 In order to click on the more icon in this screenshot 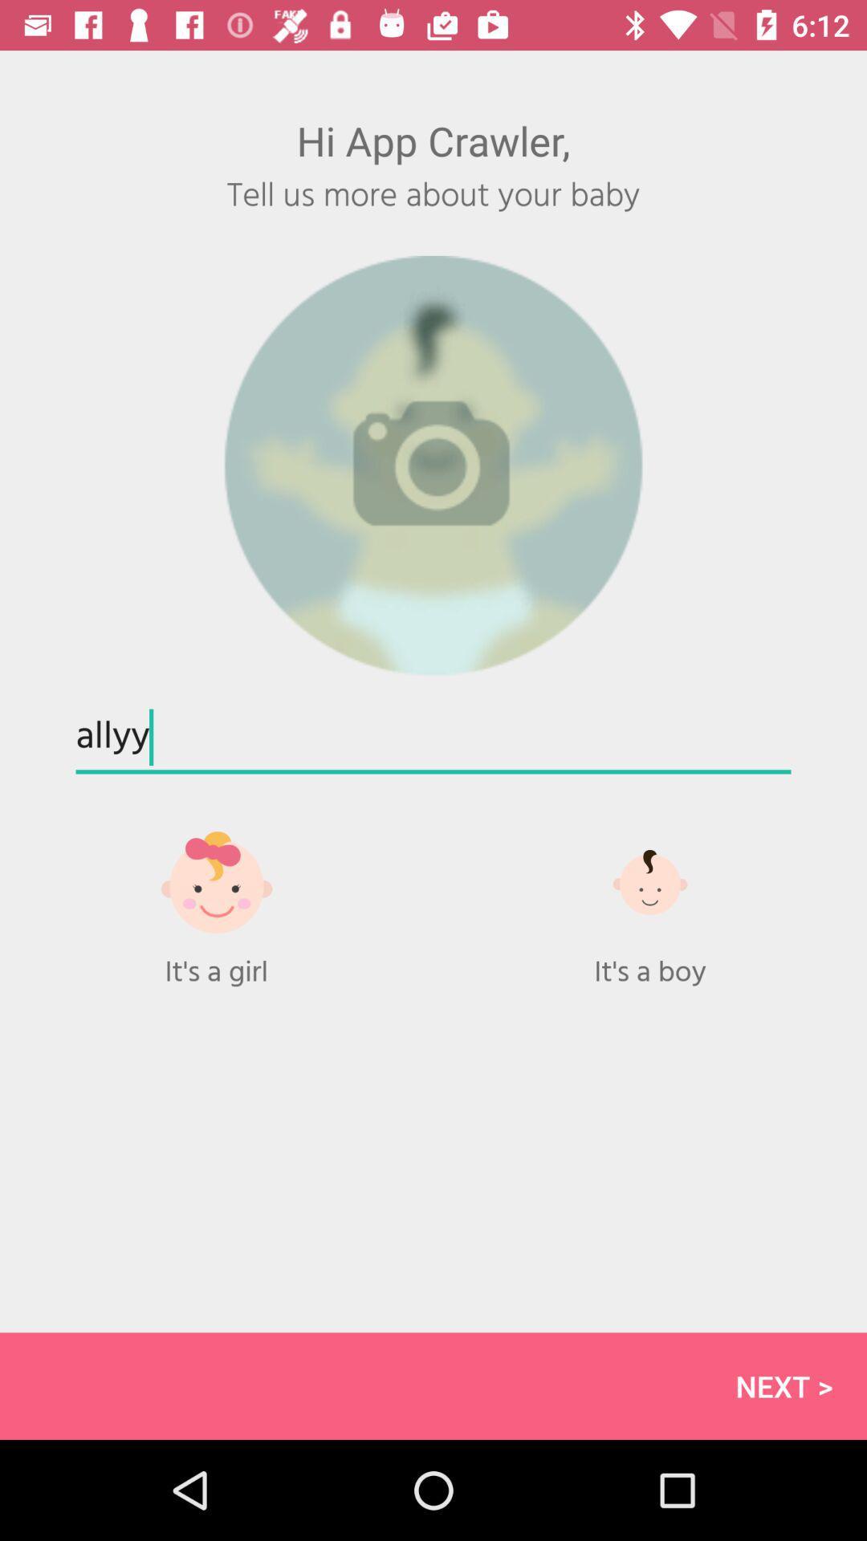, I will do `click(650, 881)`.